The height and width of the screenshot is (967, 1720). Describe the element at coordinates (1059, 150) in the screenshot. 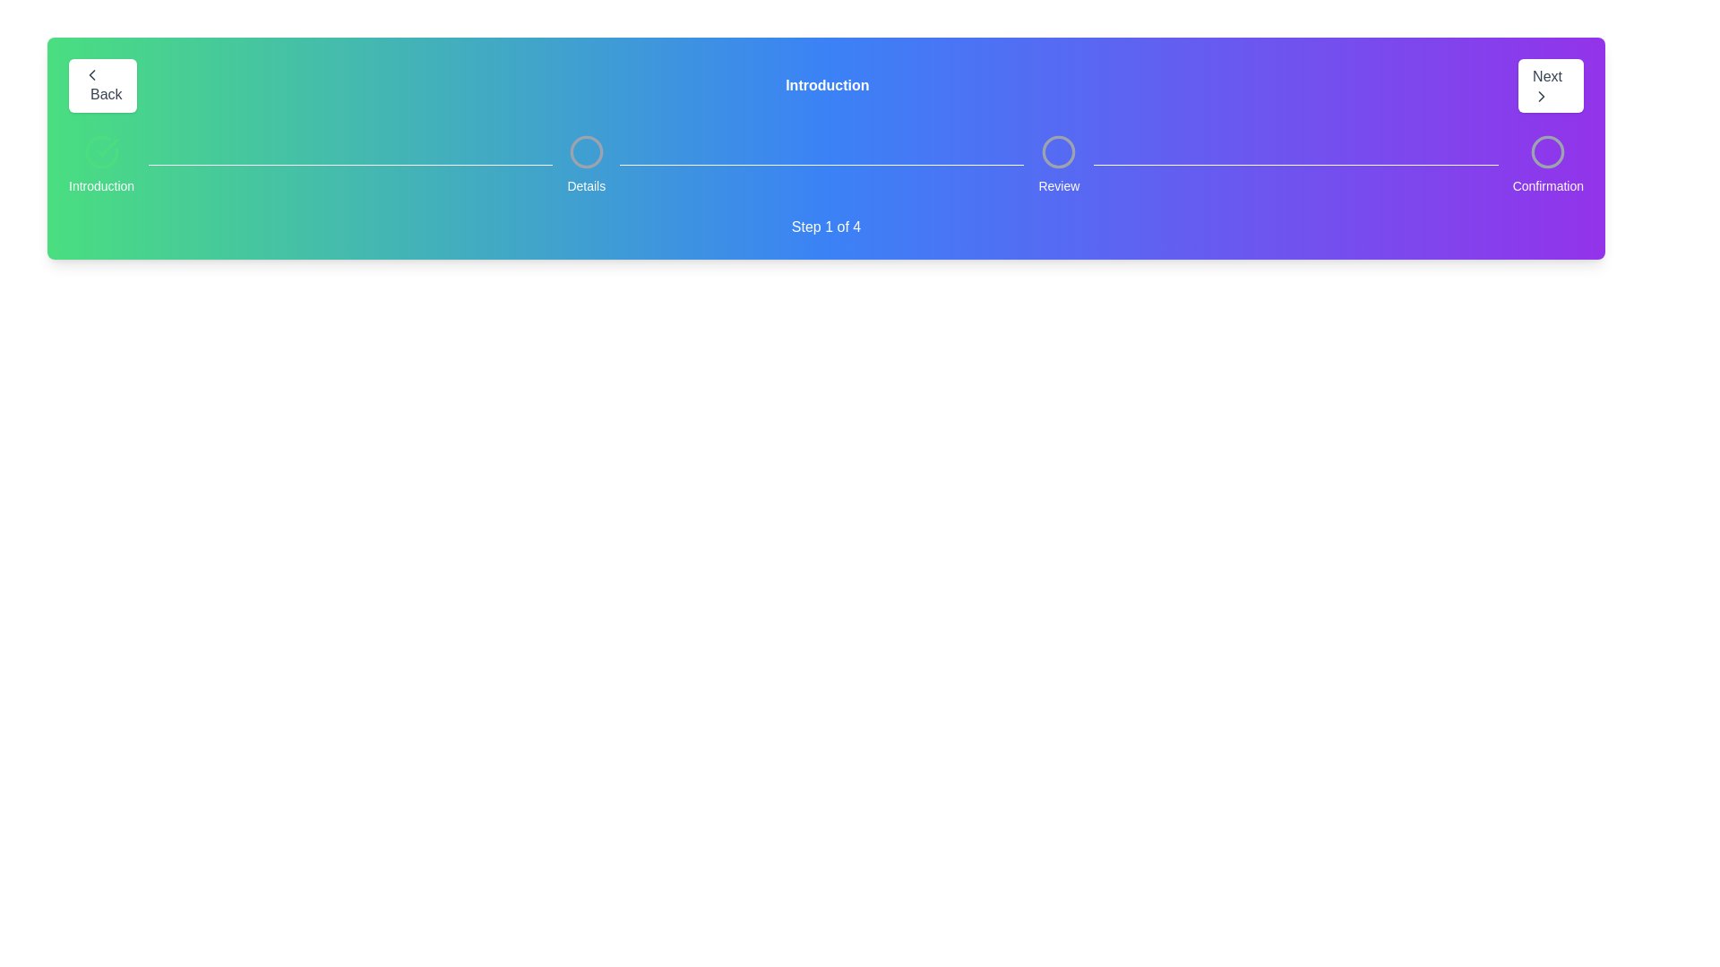

I see `the Step progress indicator, which is a circular icon labeled 'Review' located as the third step marker in a horizontal progress bar` at that location.